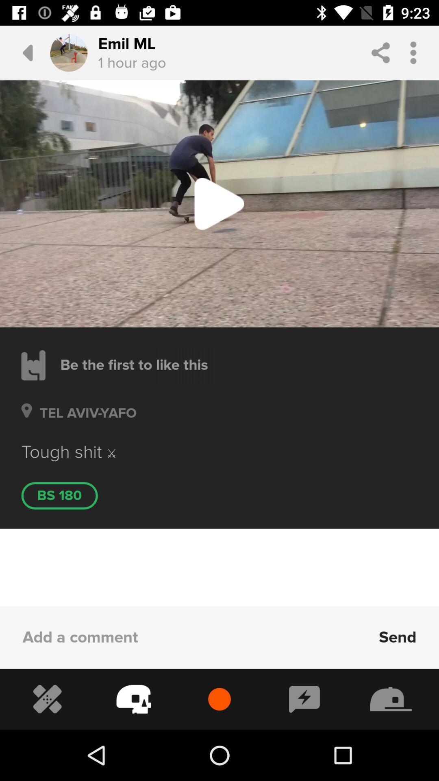 The image size is (439, 781). I want to click on the share icon, so click(380, 52).